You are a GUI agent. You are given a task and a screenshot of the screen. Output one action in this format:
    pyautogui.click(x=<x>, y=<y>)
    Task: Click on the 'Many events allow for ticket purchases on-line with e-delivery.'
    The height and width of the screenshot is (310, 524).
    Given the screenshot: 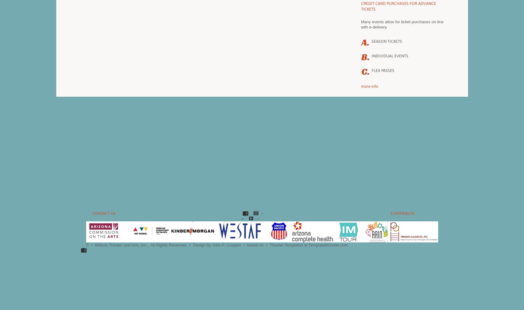 What is the action you would take?
    pyautogui.click(x=402, y=24)
    